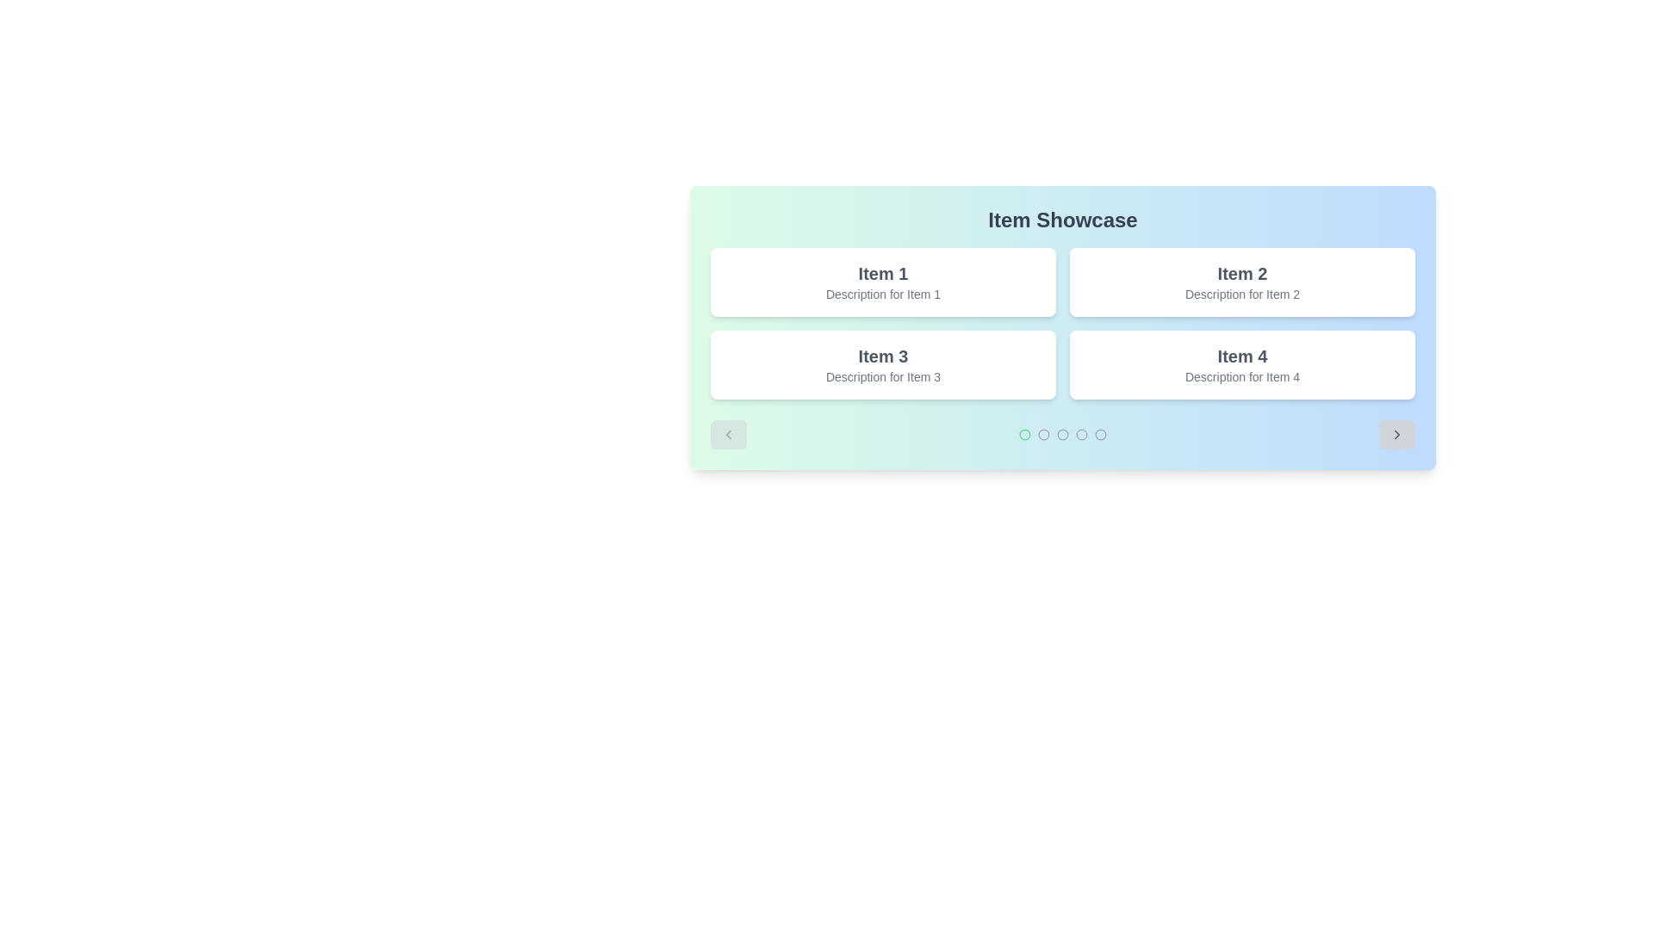 The height and width of the screenshot is (930, 1654). I want to click on the navigation button located in the lower-left corner of the 'Item Showcase' interface to move to the previous set of showcased items, so click(728, 434).